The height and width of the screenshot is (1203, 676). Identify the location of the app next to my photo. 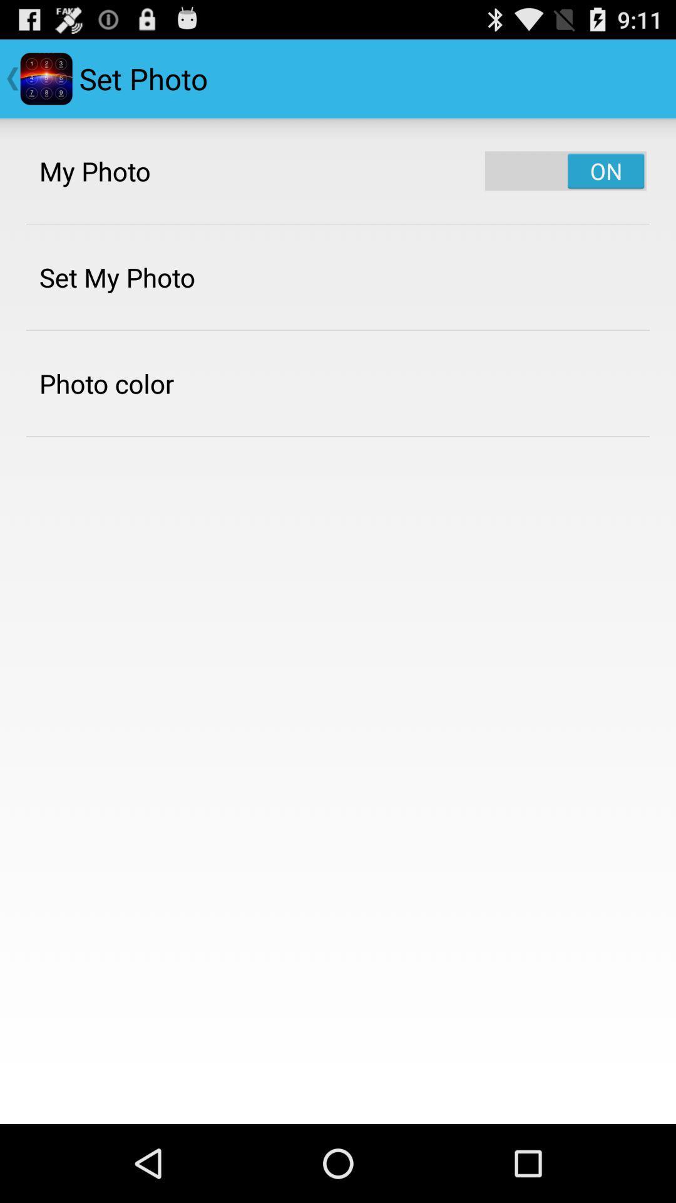
(565, 170).